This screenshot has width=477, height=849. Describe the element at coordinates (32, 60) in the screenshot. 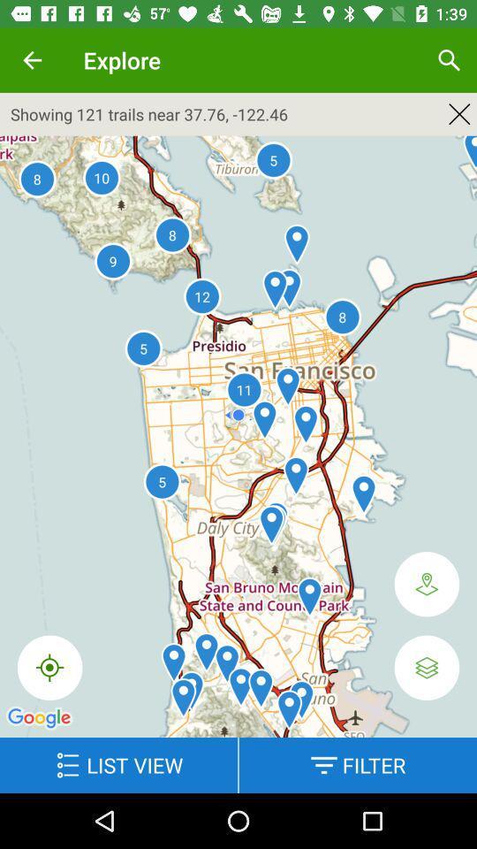

I see `icon next to explore` at that location.